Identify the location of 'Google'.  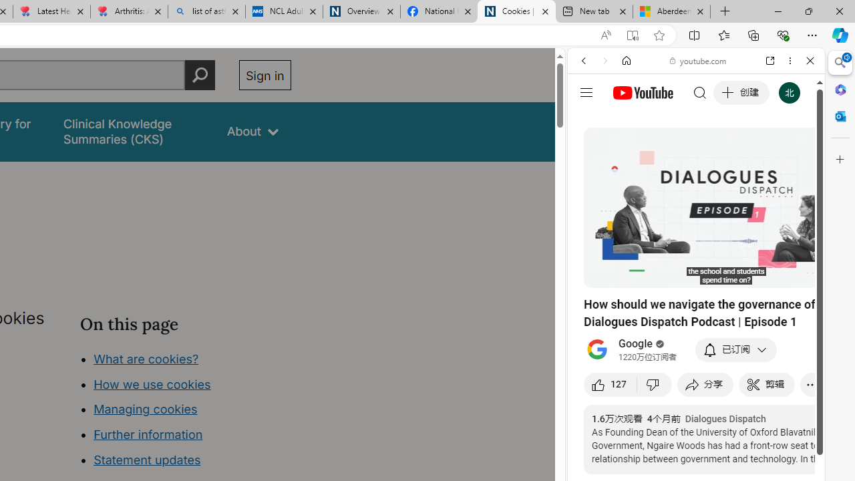
(635, 343).